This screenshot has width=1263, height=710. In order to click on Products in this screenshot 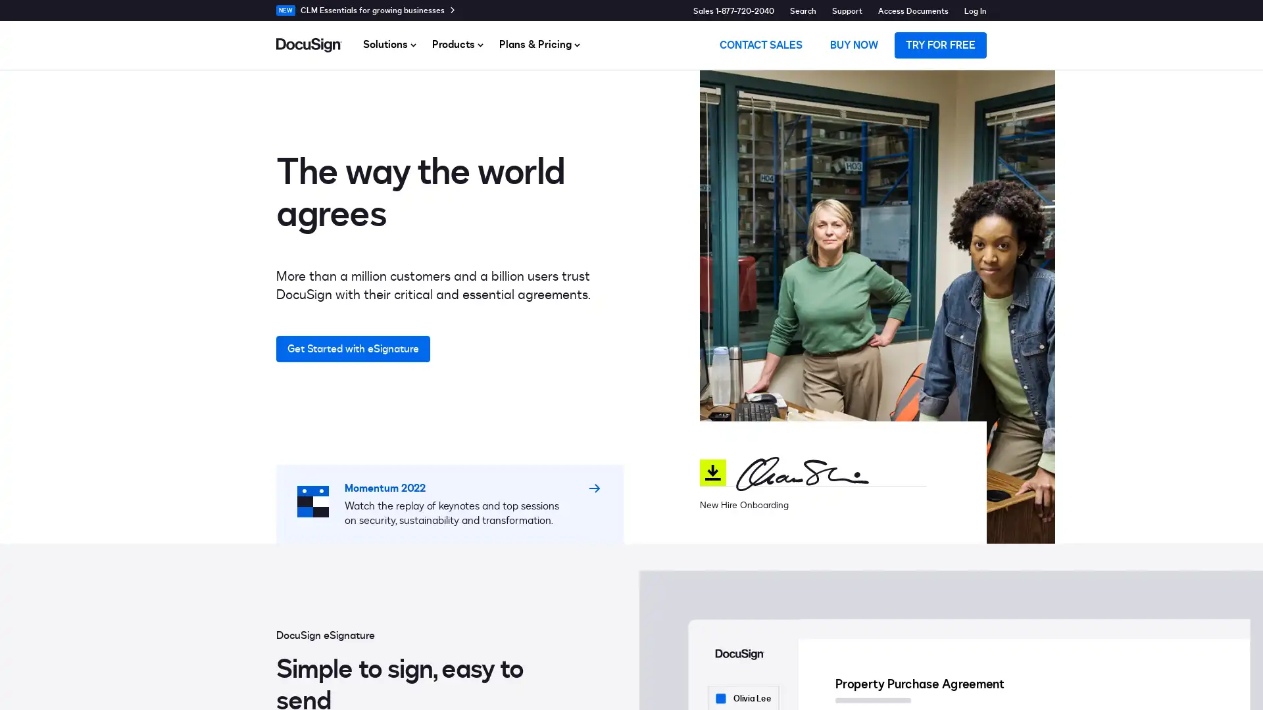, I will do `click(458, 45)`.